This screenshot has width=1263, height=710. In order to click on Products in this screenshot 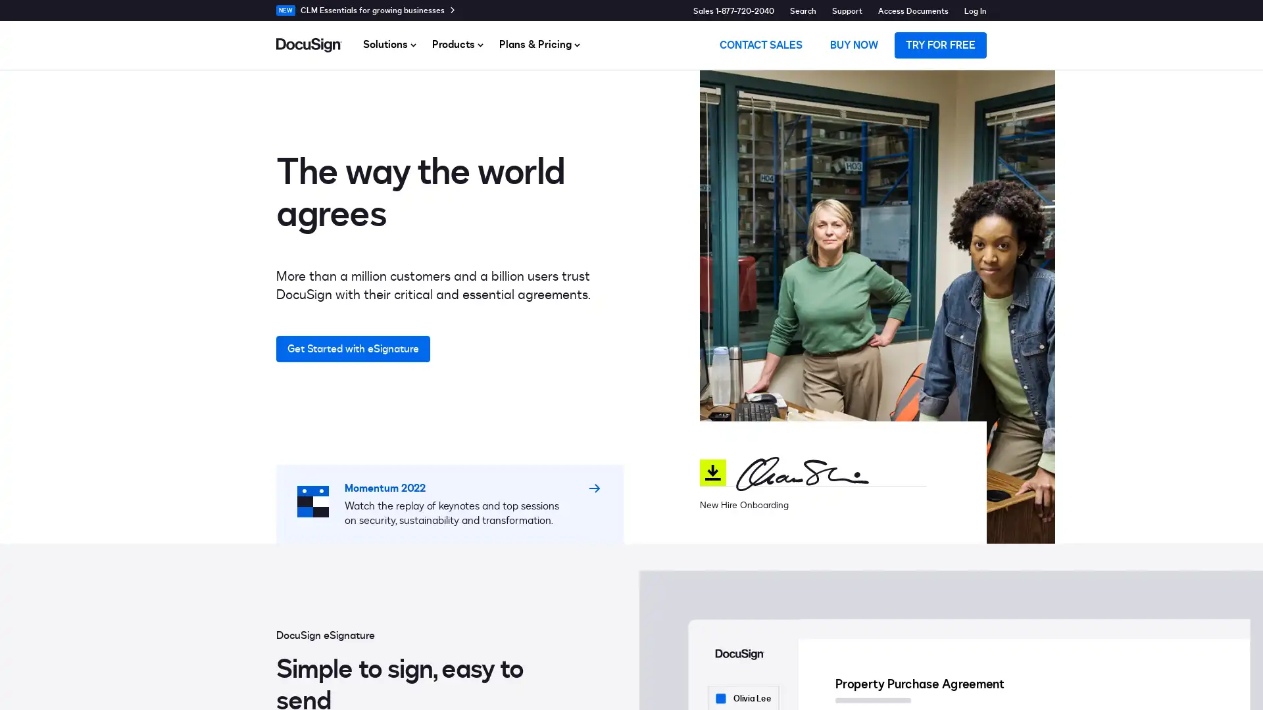, I will do `click(458, 45)`.